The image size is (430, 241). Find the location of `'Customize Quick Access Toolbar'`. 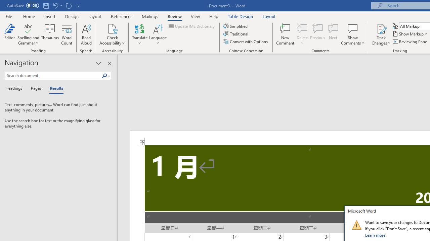

'Customize Quick Access Toolbar' is located at coordinates (79, 5).